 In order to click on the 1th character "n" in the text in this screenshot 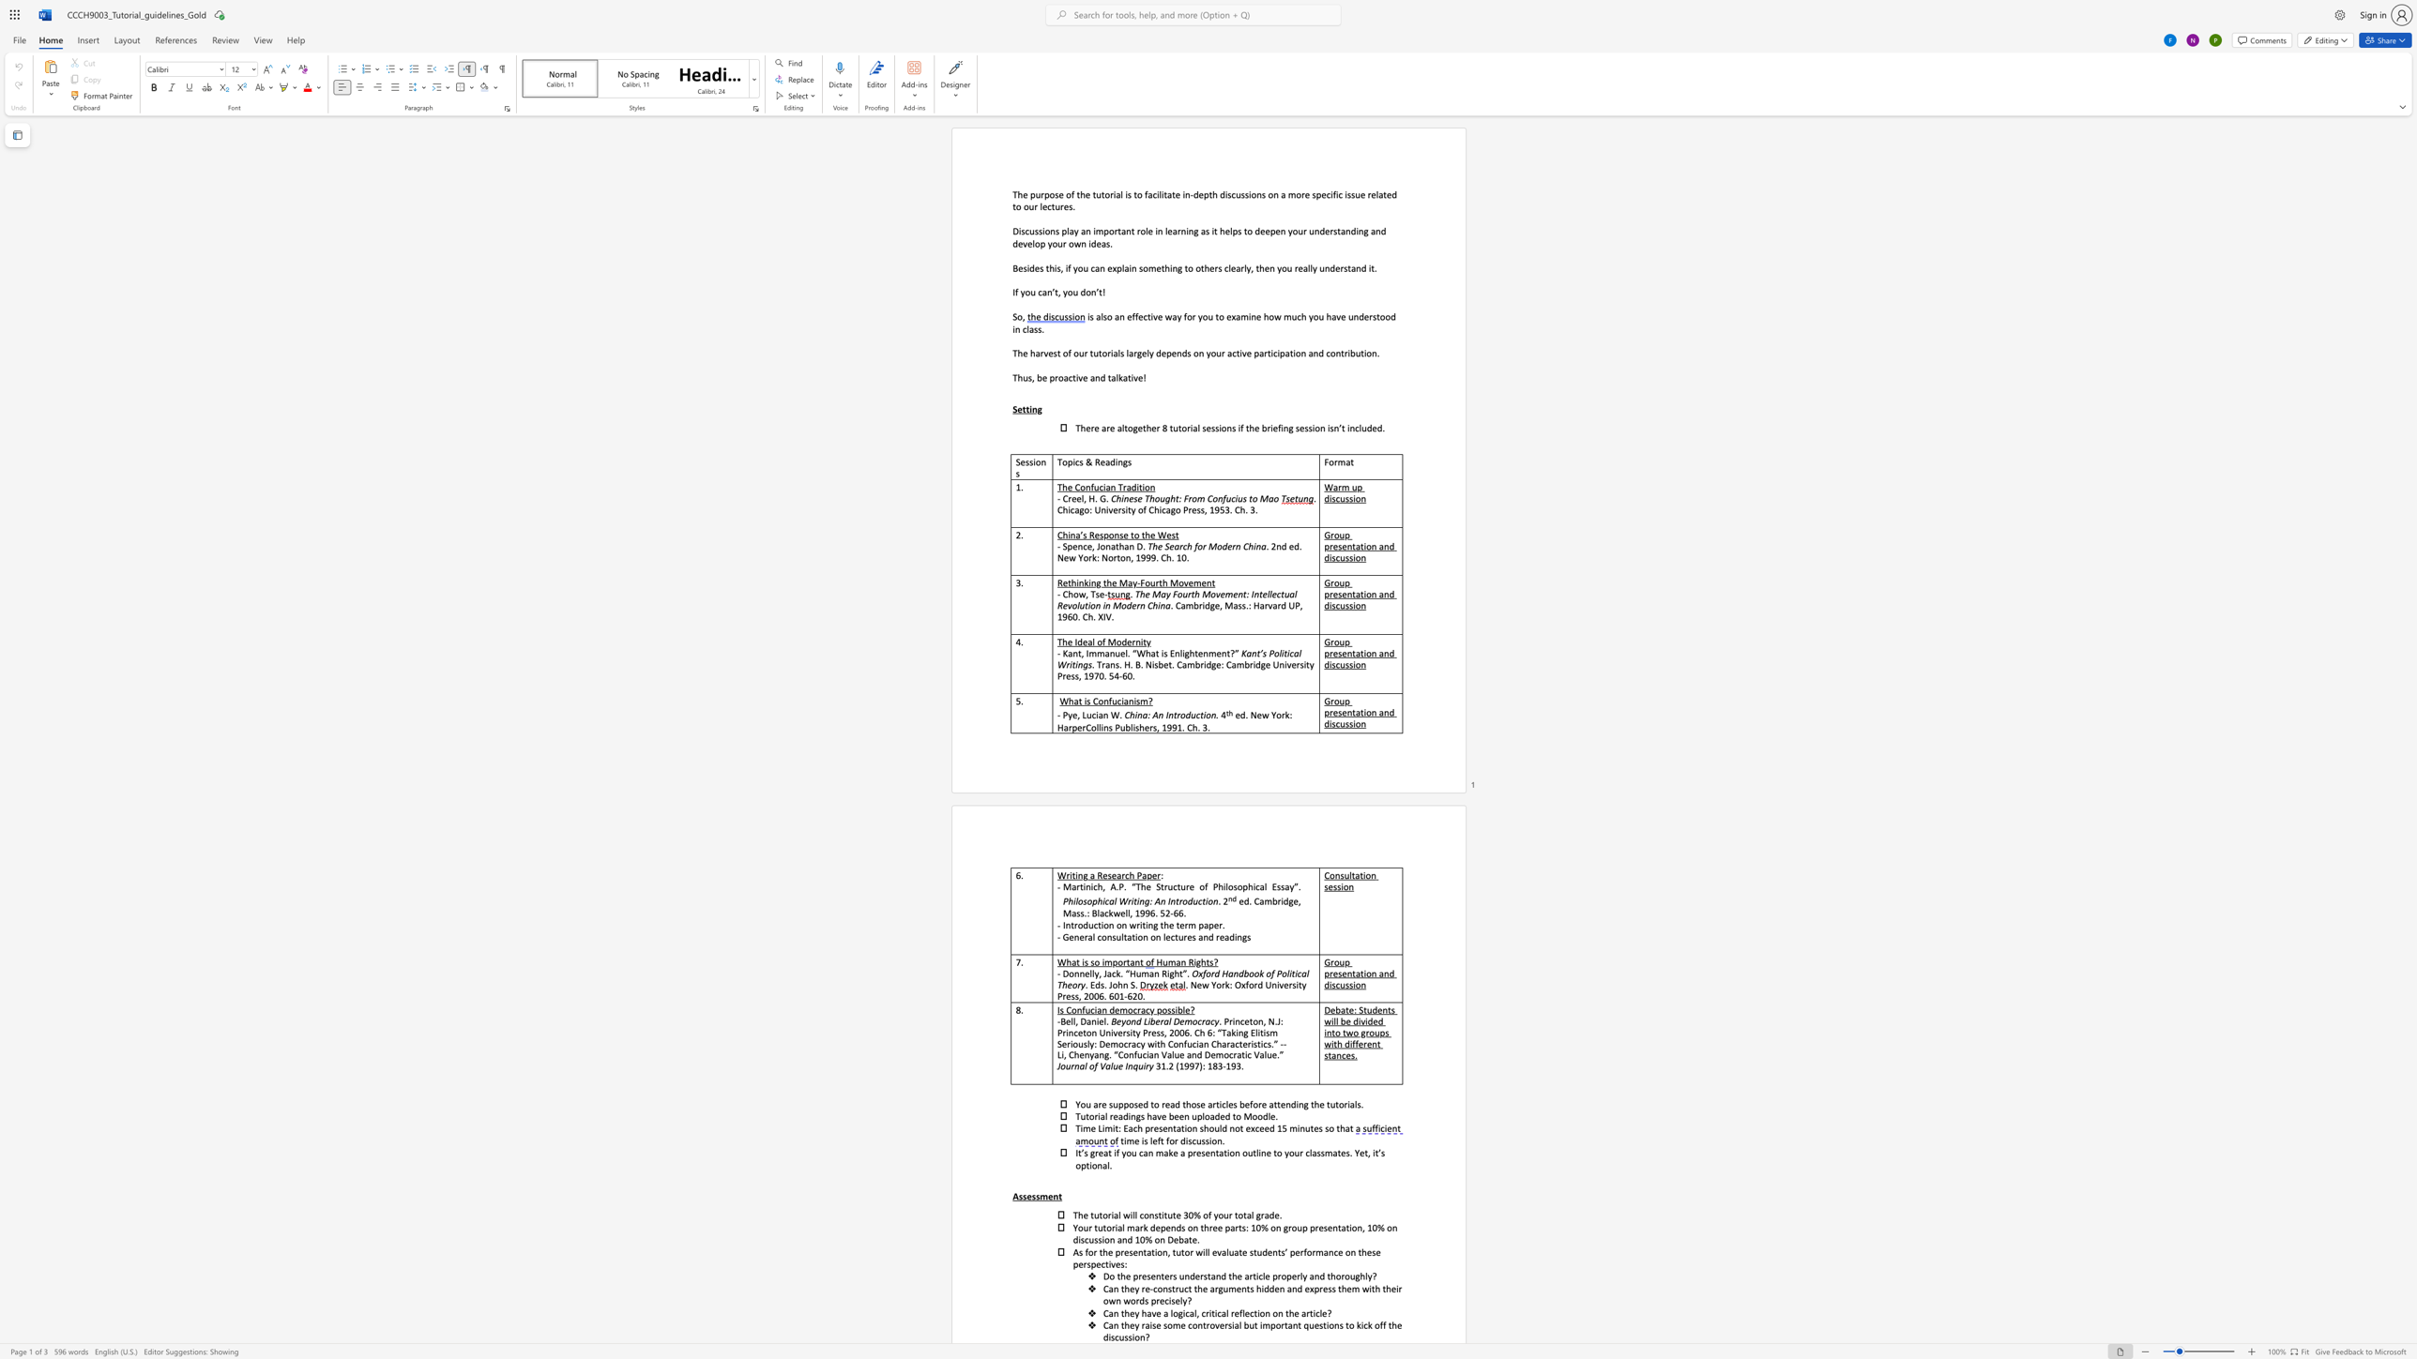, I will do `click(1097, 377)`.